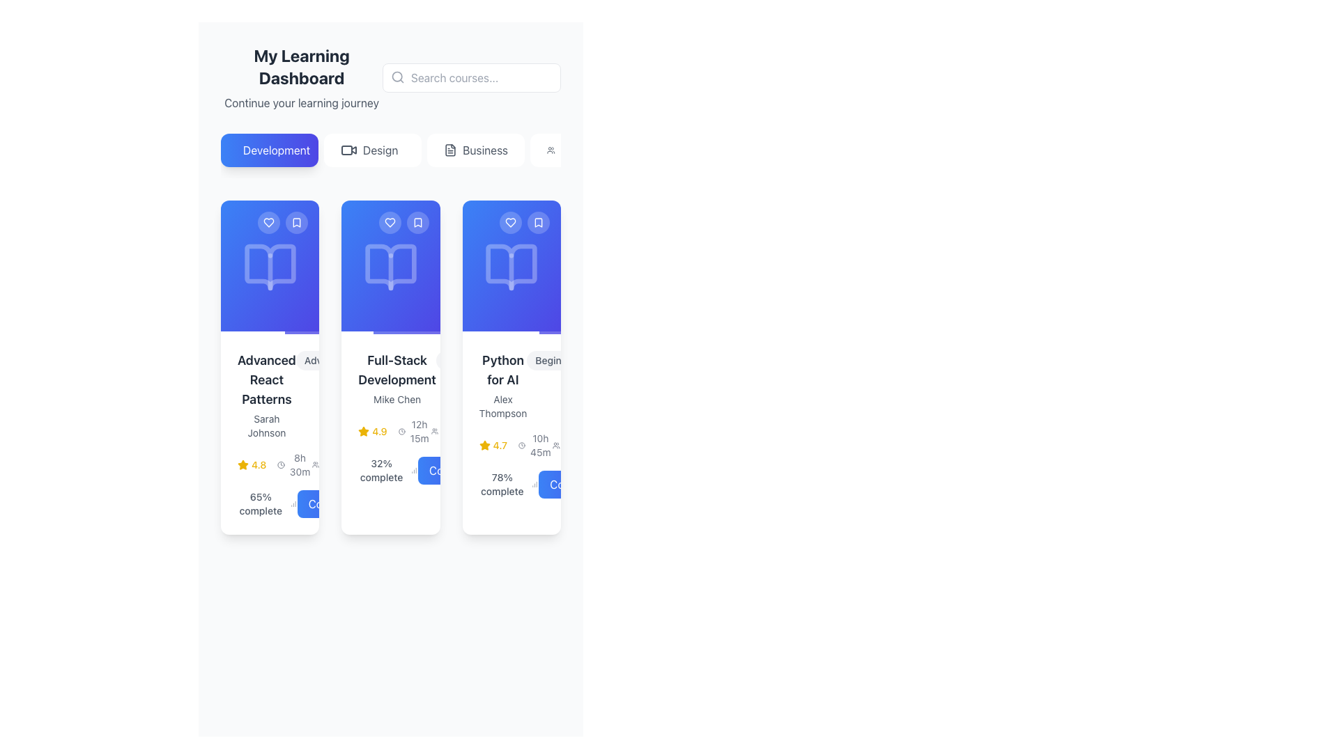 This screenshot has height=752, width=1338. I want to click on the 'Continue' button with a blue gradient, located at the bottom-right of the Python for AI course card, so click(579, 483).